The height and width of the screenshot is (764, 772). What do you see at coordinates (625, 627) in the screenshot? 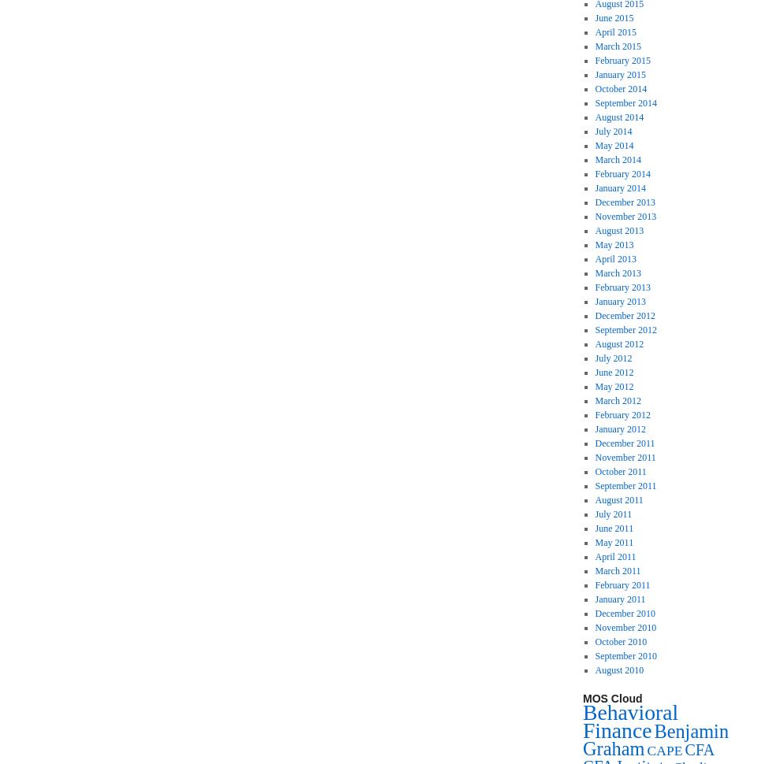
I see `'November 2010'` at bounding box center [625, 627].